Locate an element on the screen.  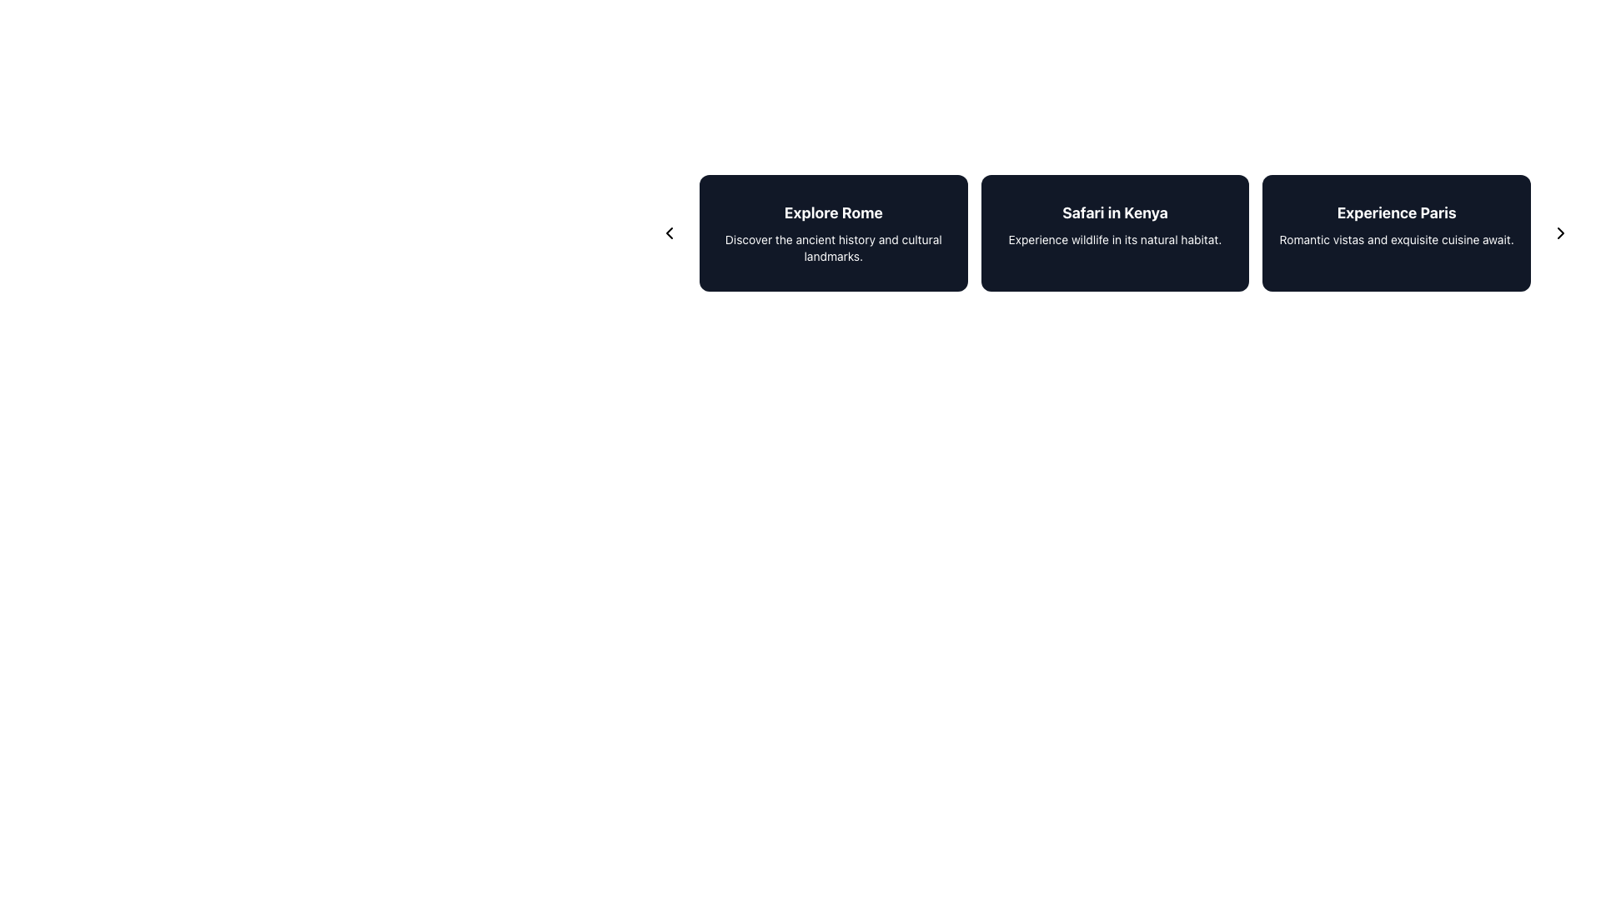
the informational card titled 'Safari in Kenya' with a dark gray background and white-centered text, positioned between 'Explore Rome' and 'Experience Paris' is located at coordinates (1115, 233).